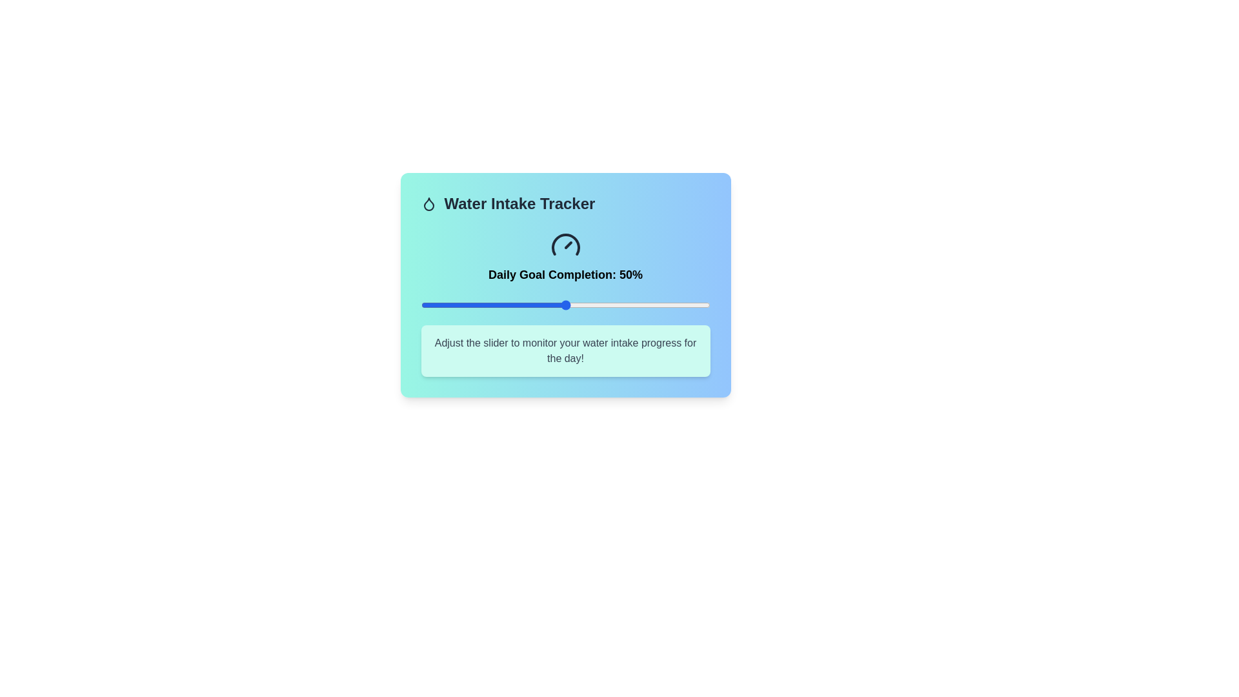 The height and width of the screenshot is (697, 1239). Describe the element at coordinates (568, 305) in the screenshot. I see `the slider to set the water intake percentage to 51%` at that location.